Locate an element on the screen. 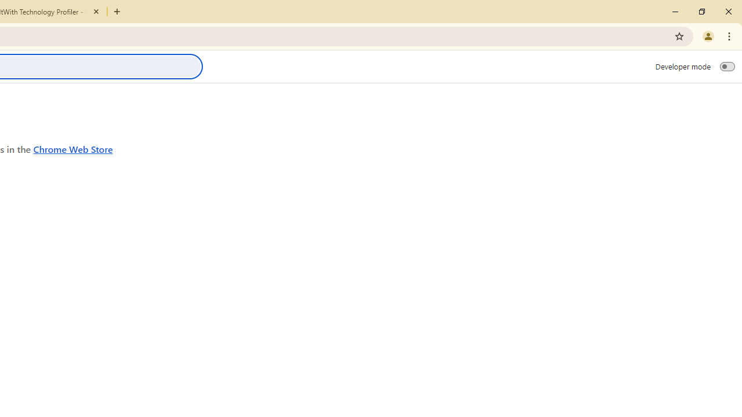 The width and height of the screenshot is (742, 417). 'Chrome Web Store' is located at coordinates (72, 148).